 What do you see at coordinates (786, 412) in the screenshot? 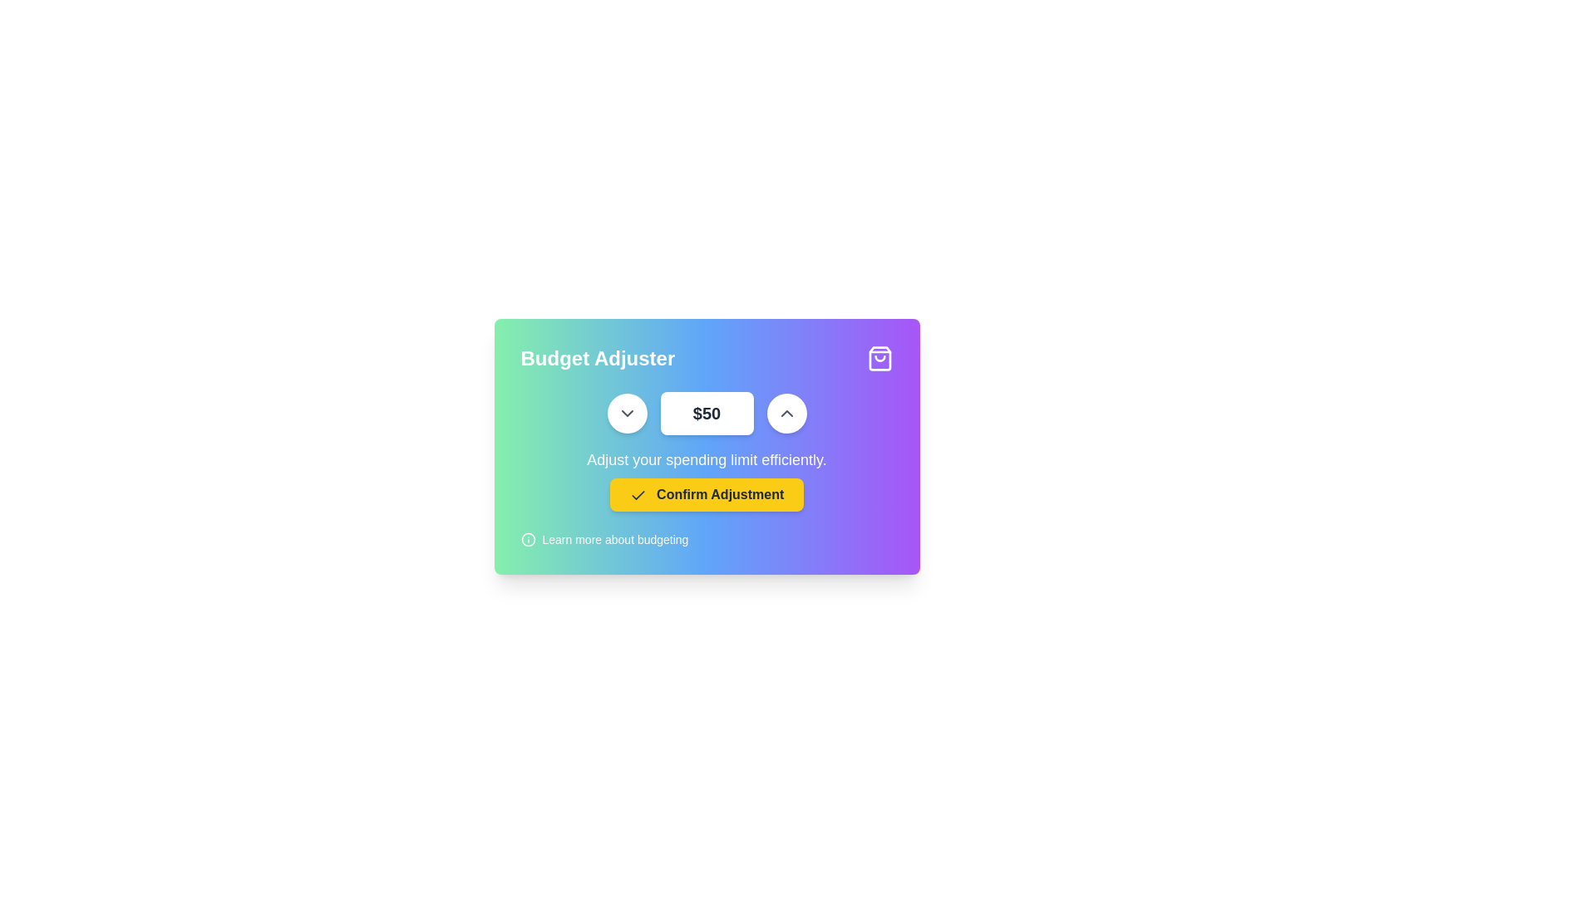
I see `the button located at the rightmost position among its sibling elements` at bounding box center [786, 412].